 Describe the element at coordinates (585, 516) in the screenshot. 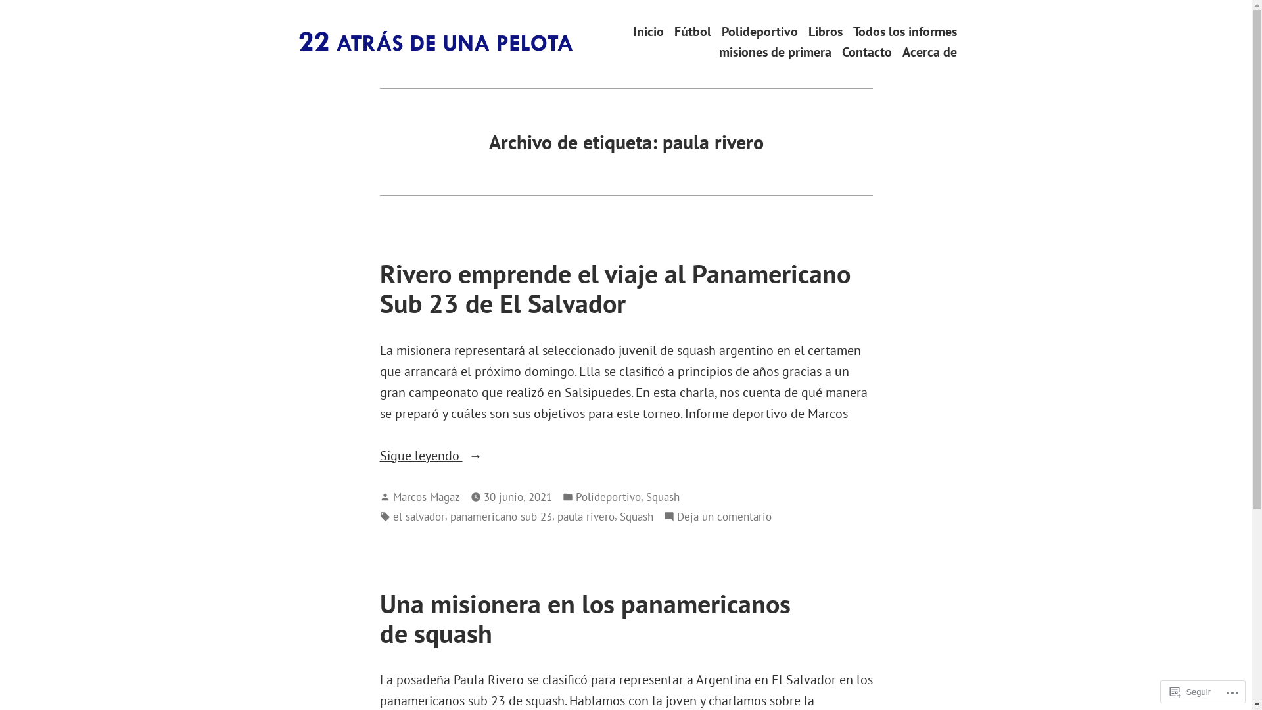

I see `'paula rivero'` at that location.